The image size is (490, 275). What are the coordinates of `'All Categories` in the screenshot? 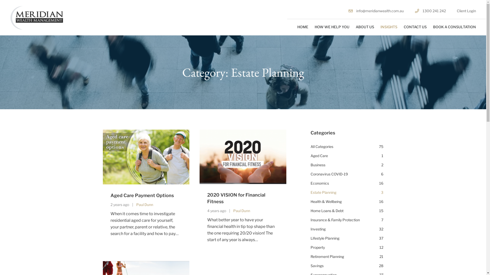 It's located at (310, 146).